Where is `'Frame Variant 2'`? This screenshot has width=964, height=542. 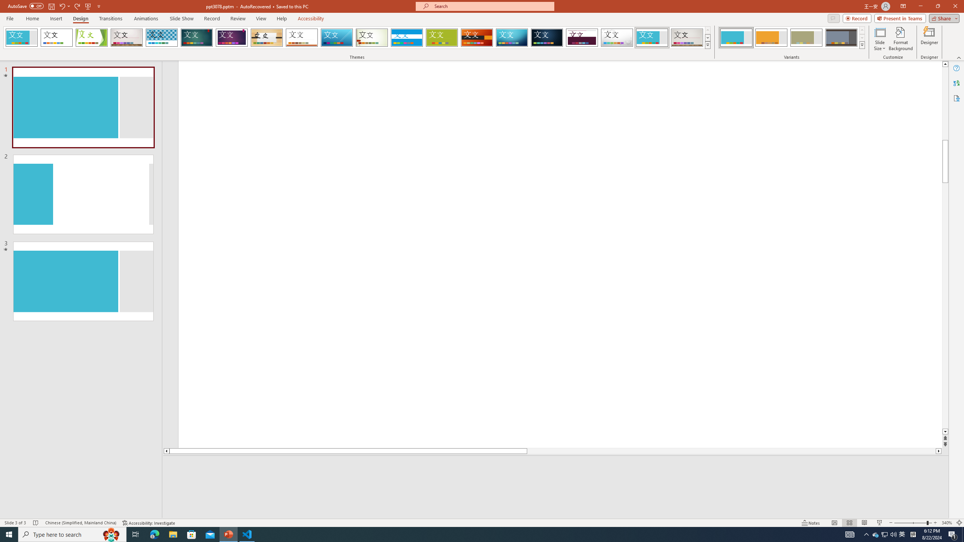
'Frame Variant 2' is located at coordinates (771, 37).